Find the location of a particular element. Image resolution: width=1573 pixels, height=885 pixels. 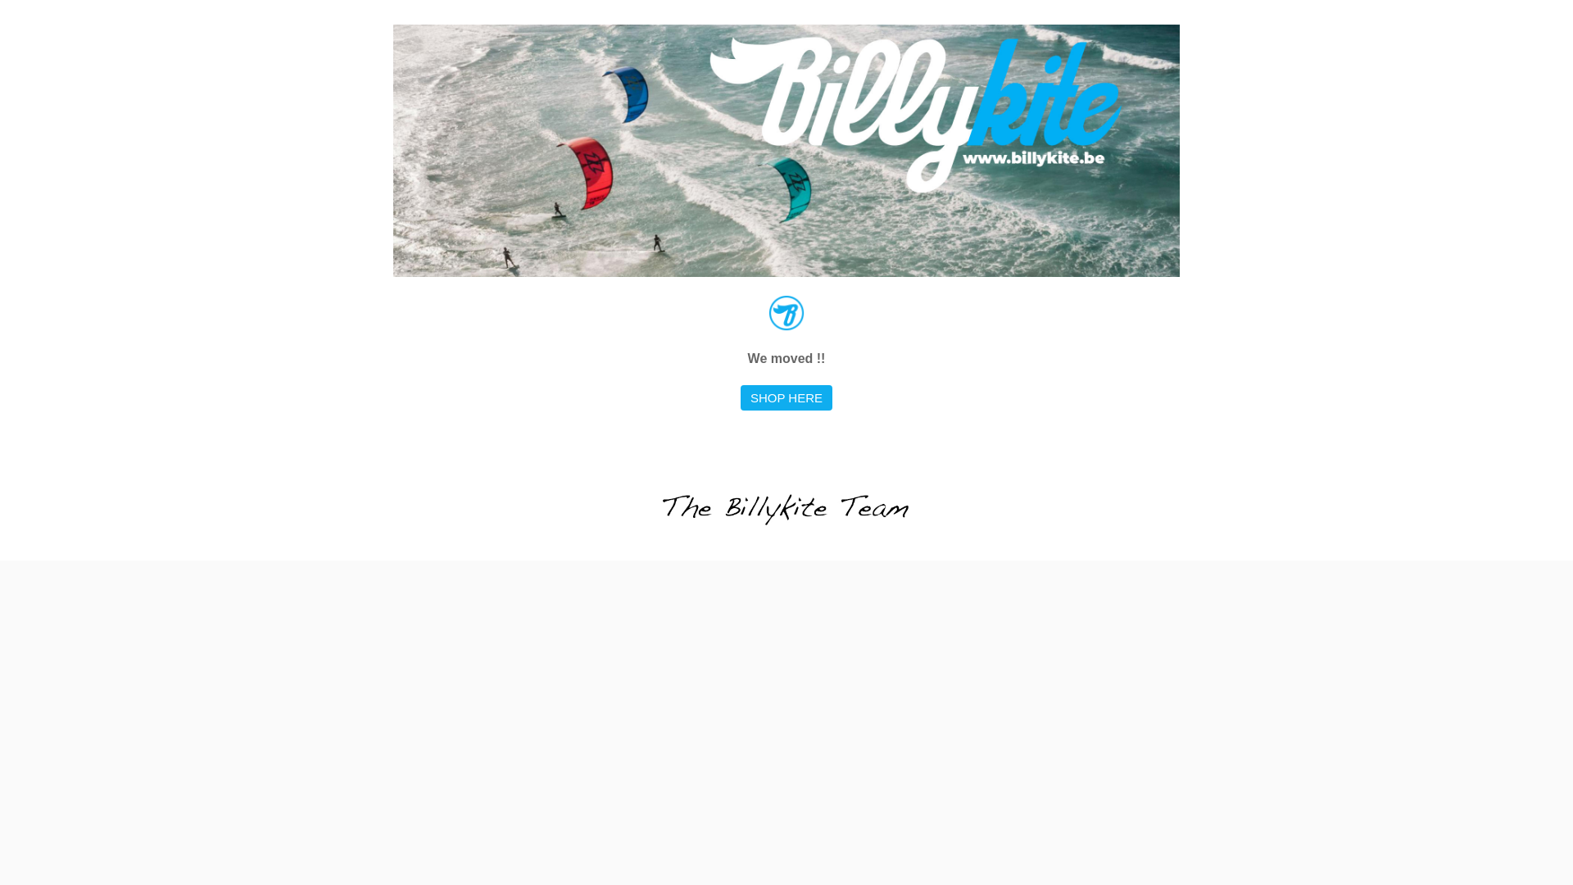

'SHOP HERE' is located at coordinates (786, 397).